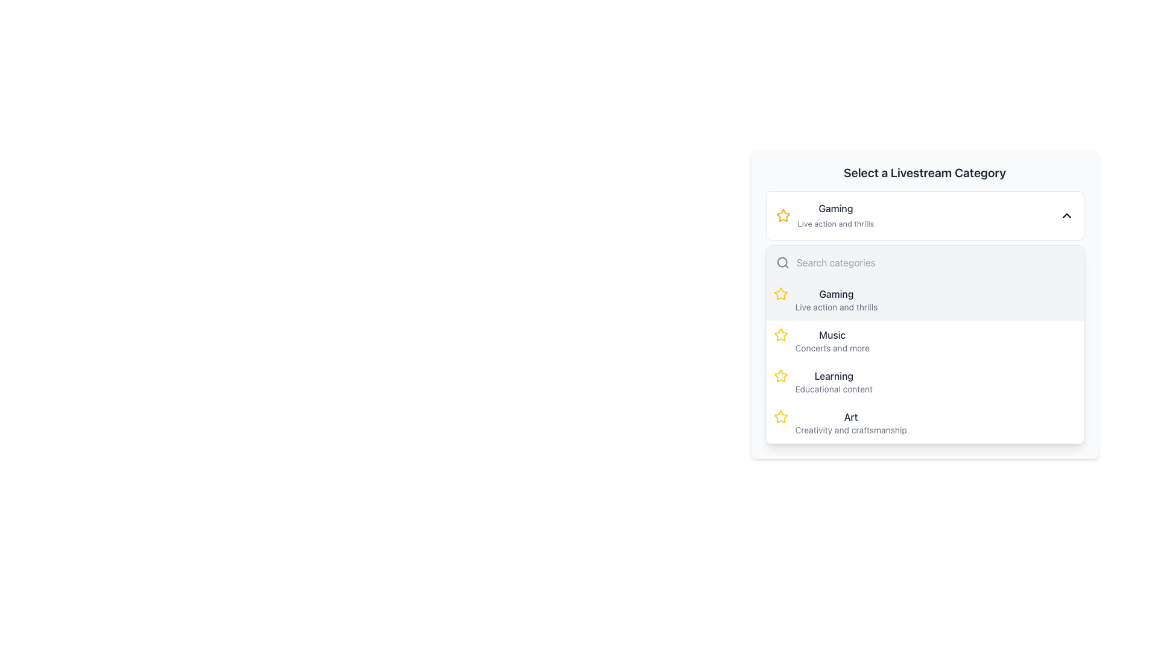 The height and width of the screenshot is (651, 1158). Describe the element at coordinates (833, 382) in the screenshot. I see `the 'Learning' category option in the dropdown list` at that location.